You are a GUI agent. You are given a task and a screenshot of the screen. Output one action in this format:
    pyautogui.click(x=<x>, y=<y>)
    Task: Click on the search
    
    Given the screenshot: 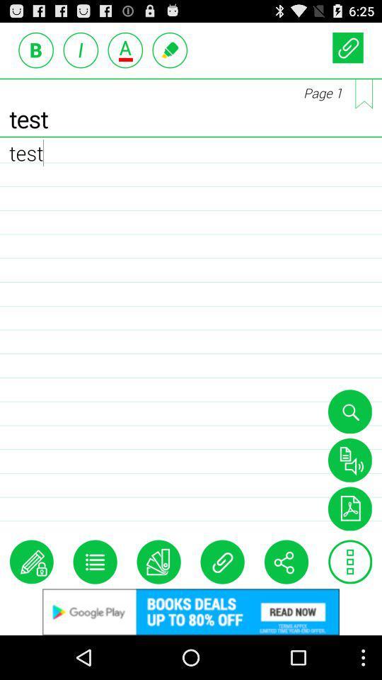 What is the action you would take?
    pyautogui.click(x=349, y=412)
    